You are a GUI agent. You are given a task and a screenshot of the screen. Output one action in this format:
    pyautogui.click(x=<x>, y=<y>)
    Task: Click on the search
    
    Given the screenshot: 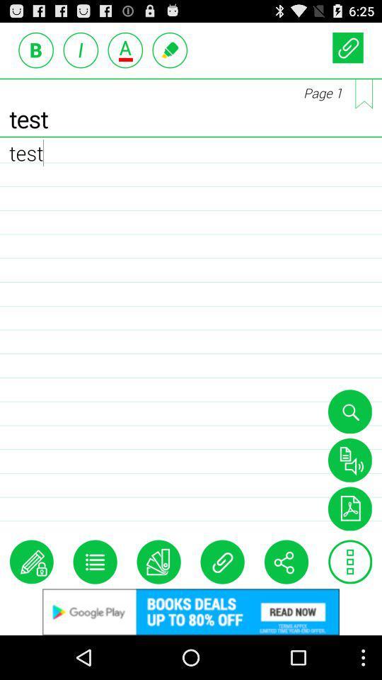 What is the action you would take?
    pyautogui.click(x=349, y=412)
    